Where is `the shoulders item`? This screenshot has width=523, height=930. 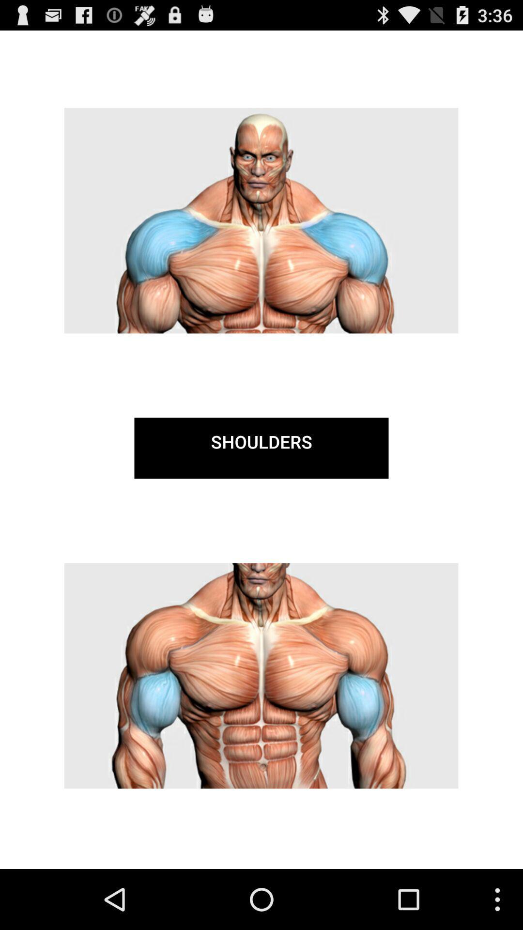 the shoulders item is located at coordinates (261, 448).